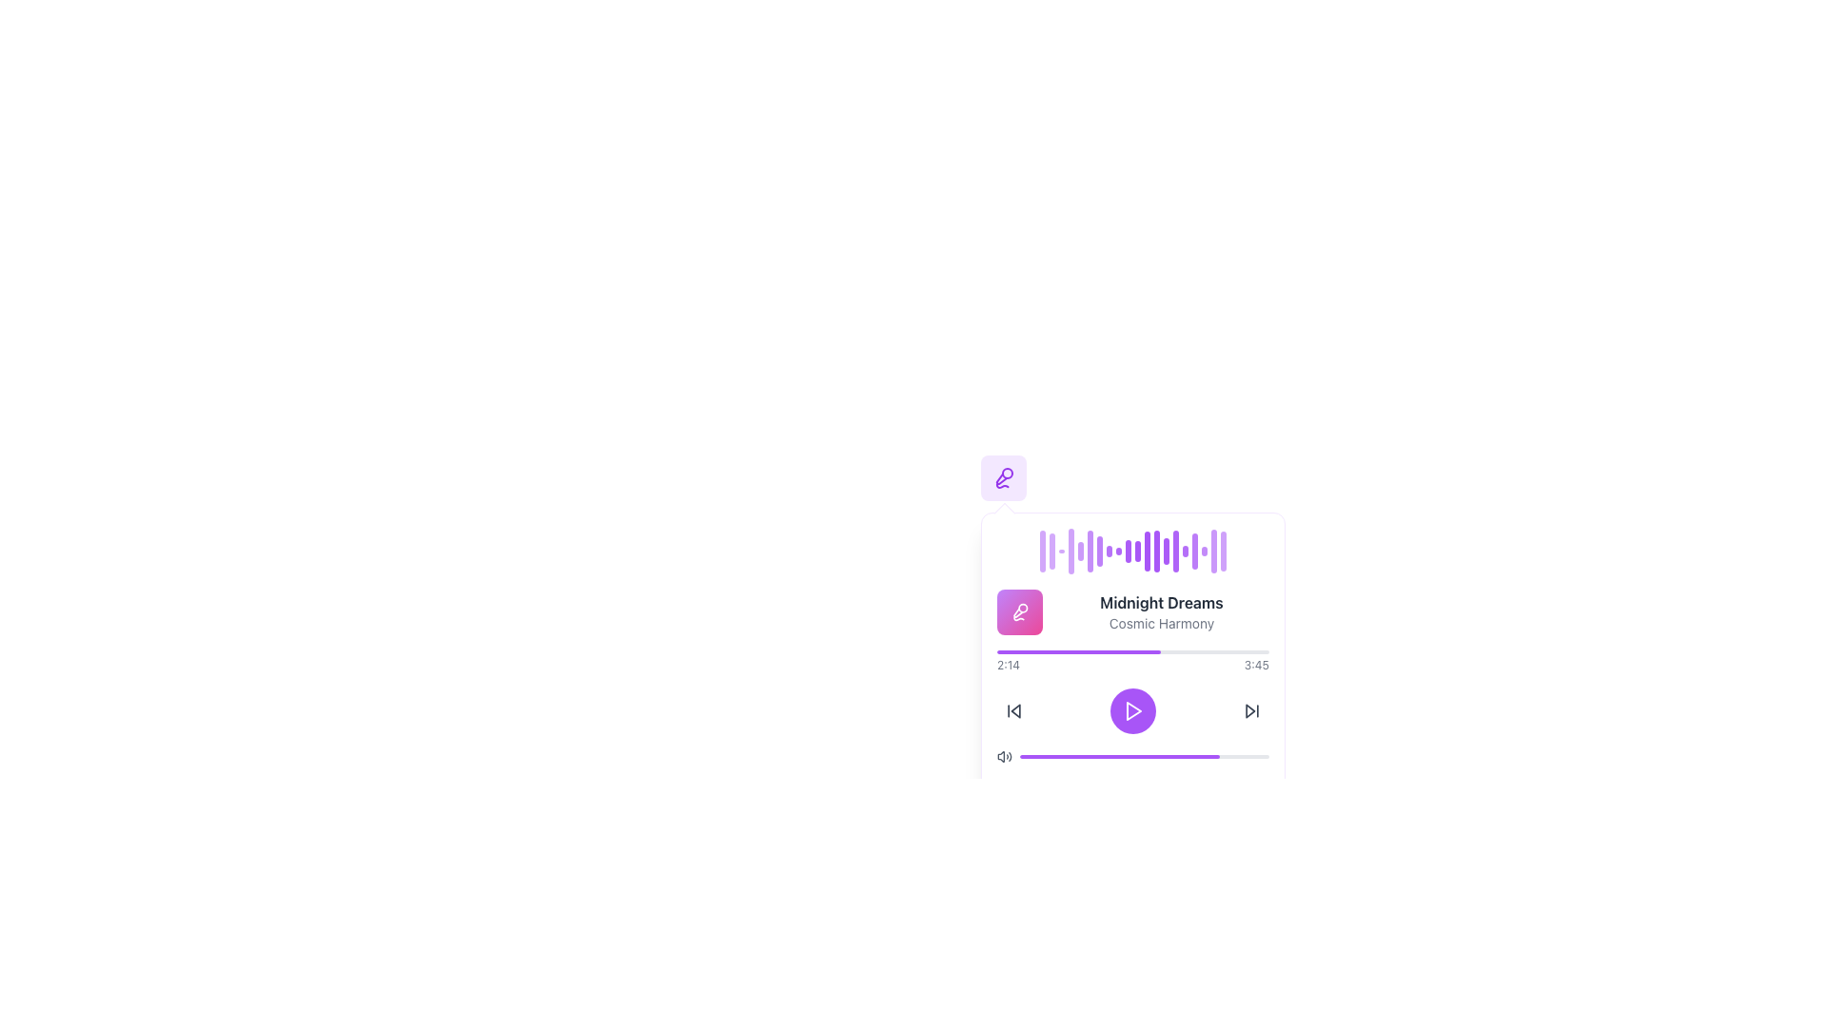 This screenshot has height=1027, width=1827. I want to click on the 'skip forward' button located in the bottom-right corner of the music control section, which is the rightmost button in the row of media control icons, so click(1251, 711).